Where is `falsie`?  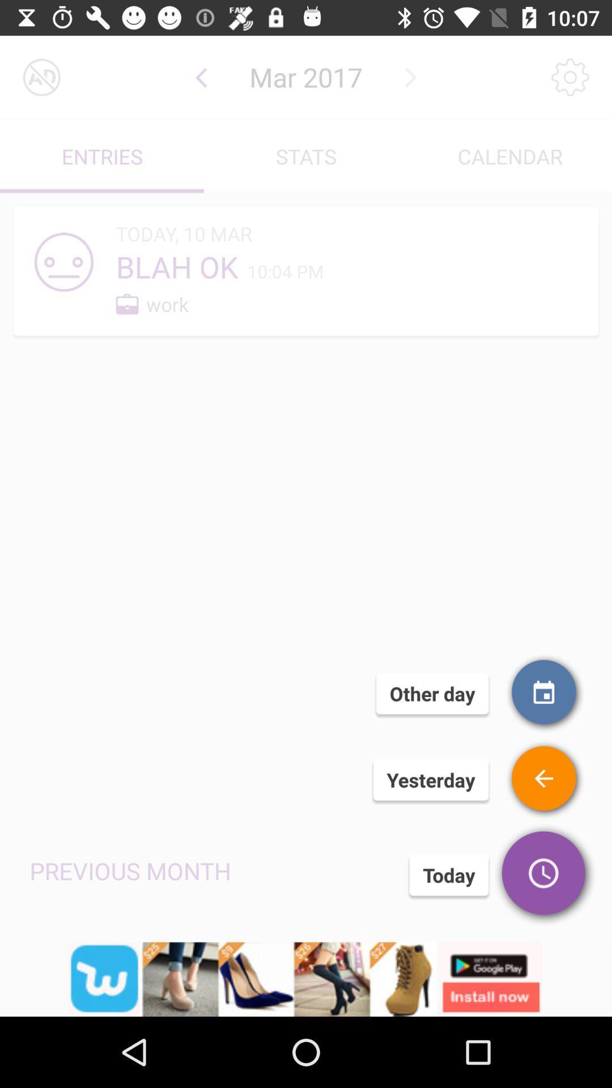
falsie is located at coordinates (544, 779).